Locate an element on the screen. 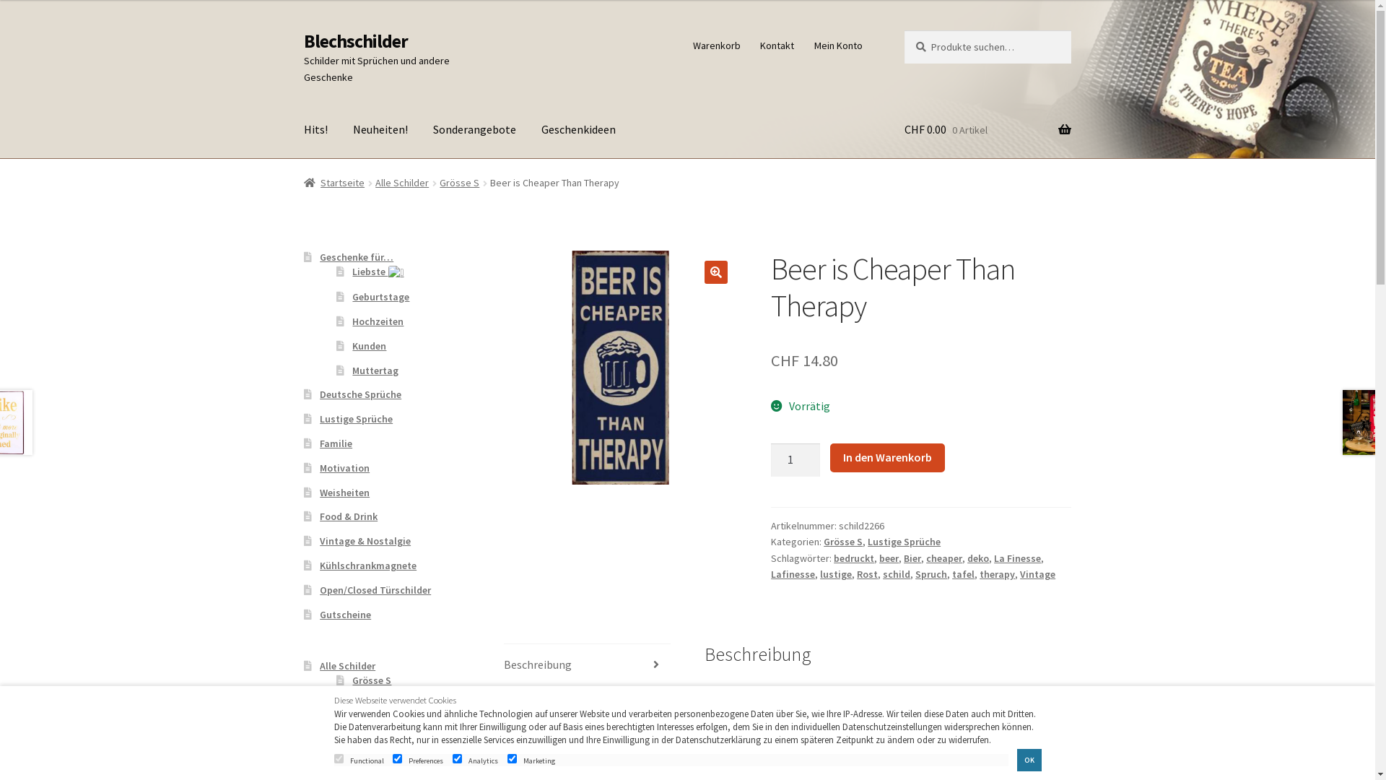 The image size is (1386, 780). 'Familie' is located at coordinates (335, 442).